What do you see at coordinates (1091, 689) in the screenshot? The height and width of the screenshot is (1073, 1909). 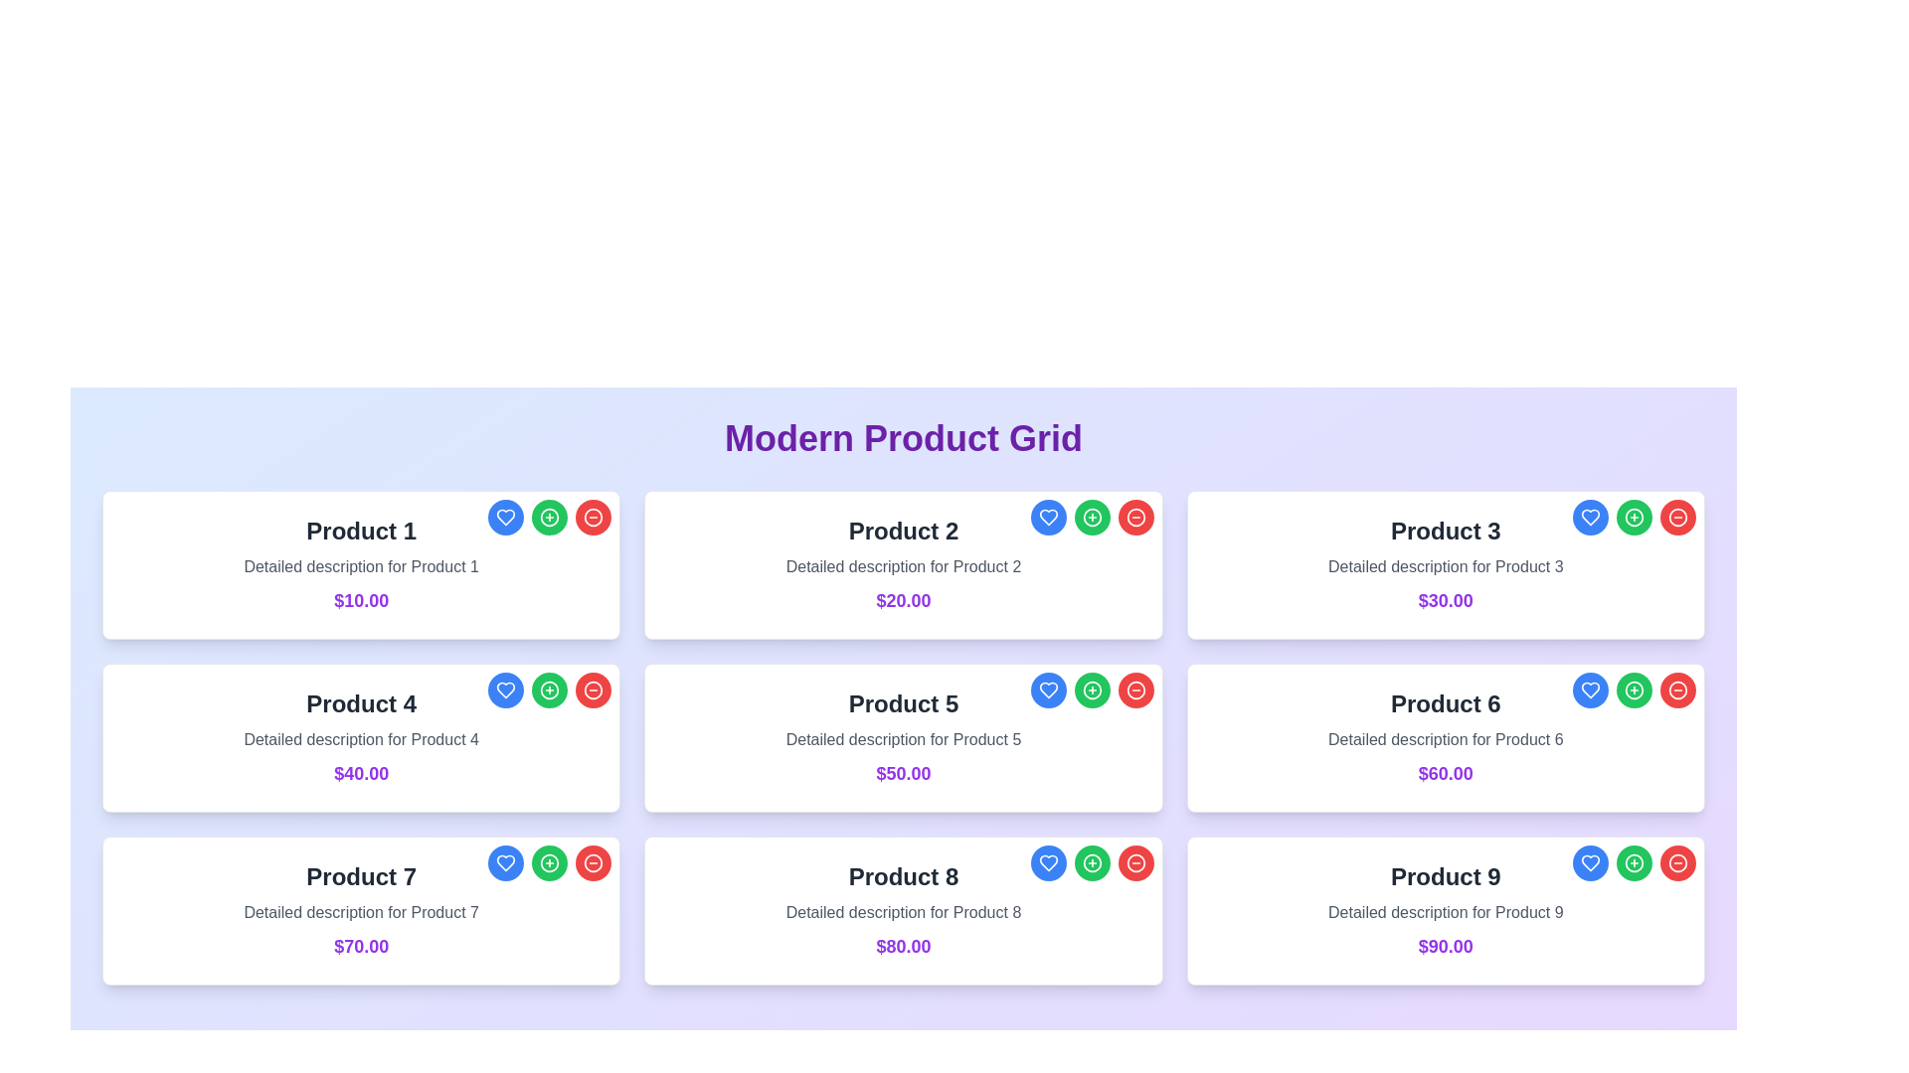 I see `the interactive button for 'Product 5' located in the top-right corner of its card` at bounding box center [1091, 689].